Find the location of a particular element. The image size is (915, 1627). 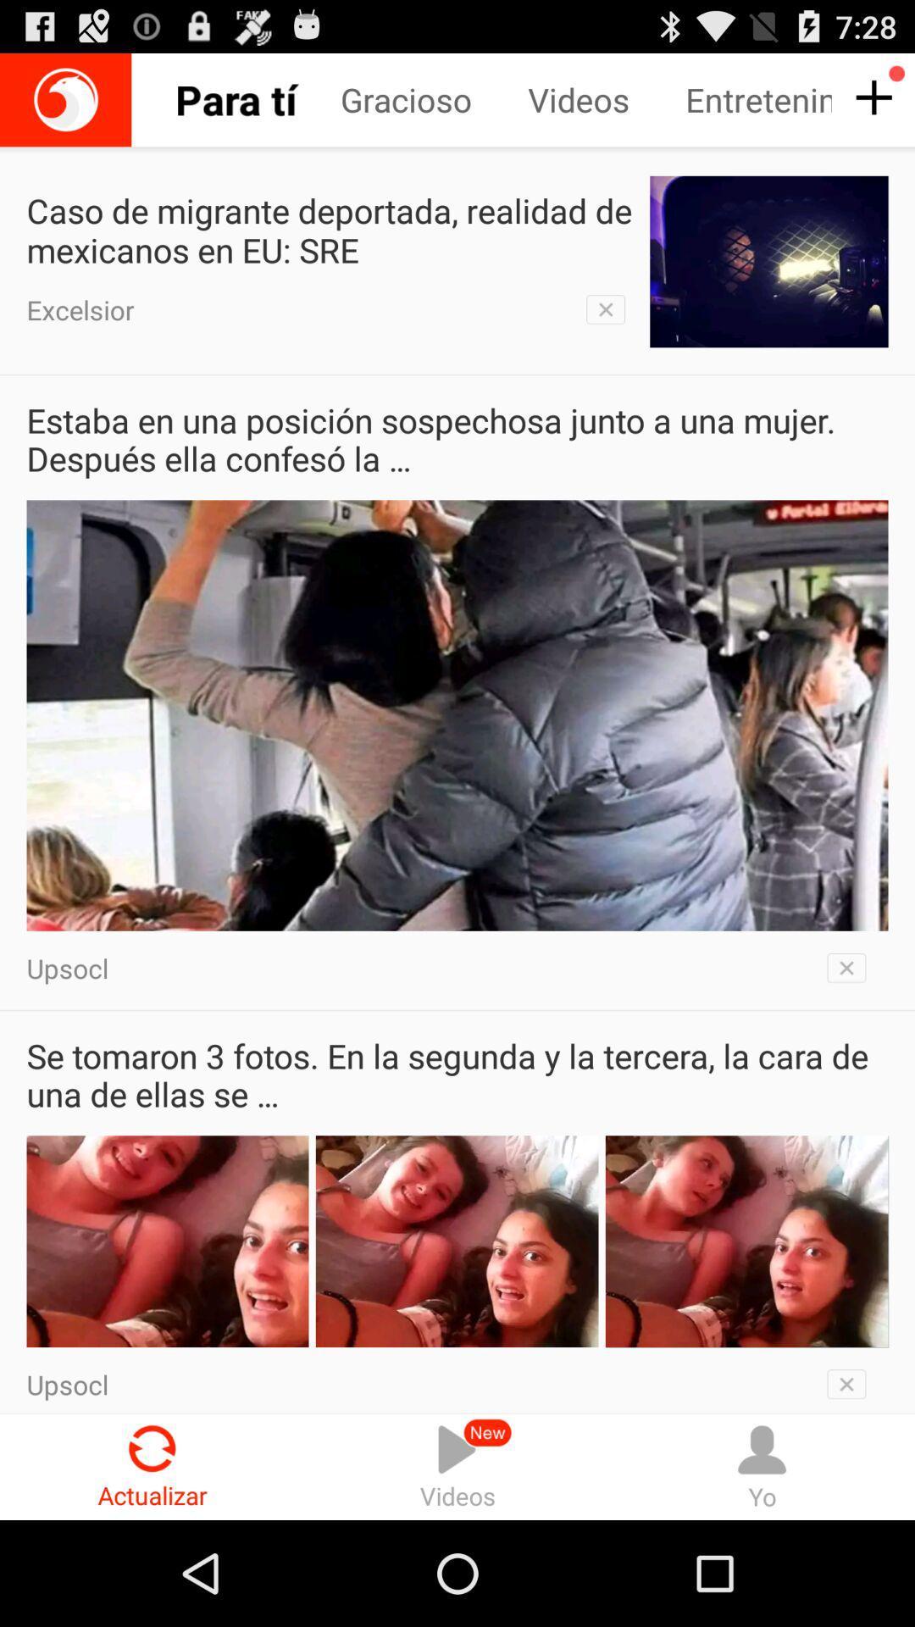

radio button next to the videos radio button is located at coordinates (152, 1466).